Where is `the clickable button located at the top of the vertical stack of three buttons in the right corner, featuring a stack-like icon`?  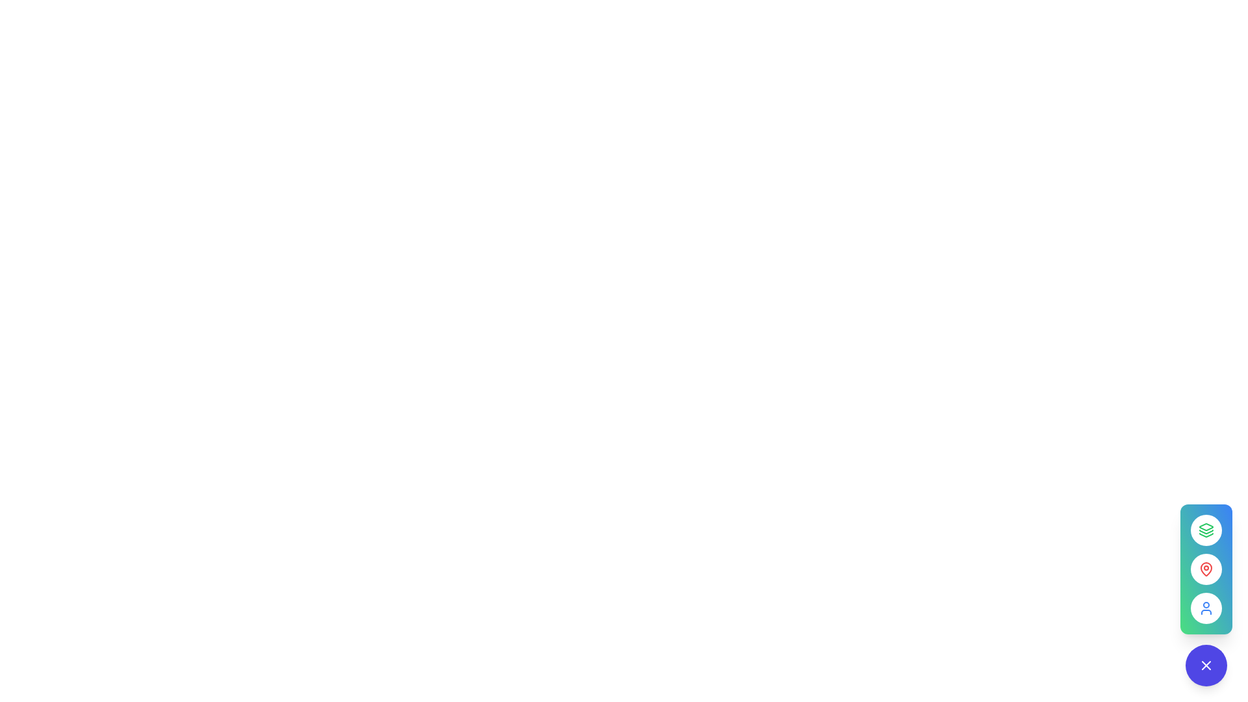 the clickable button located at the top of the vertical stack of three buttons in the right corner, featuring a stack-like icon is located at coordinates (1206, 530).